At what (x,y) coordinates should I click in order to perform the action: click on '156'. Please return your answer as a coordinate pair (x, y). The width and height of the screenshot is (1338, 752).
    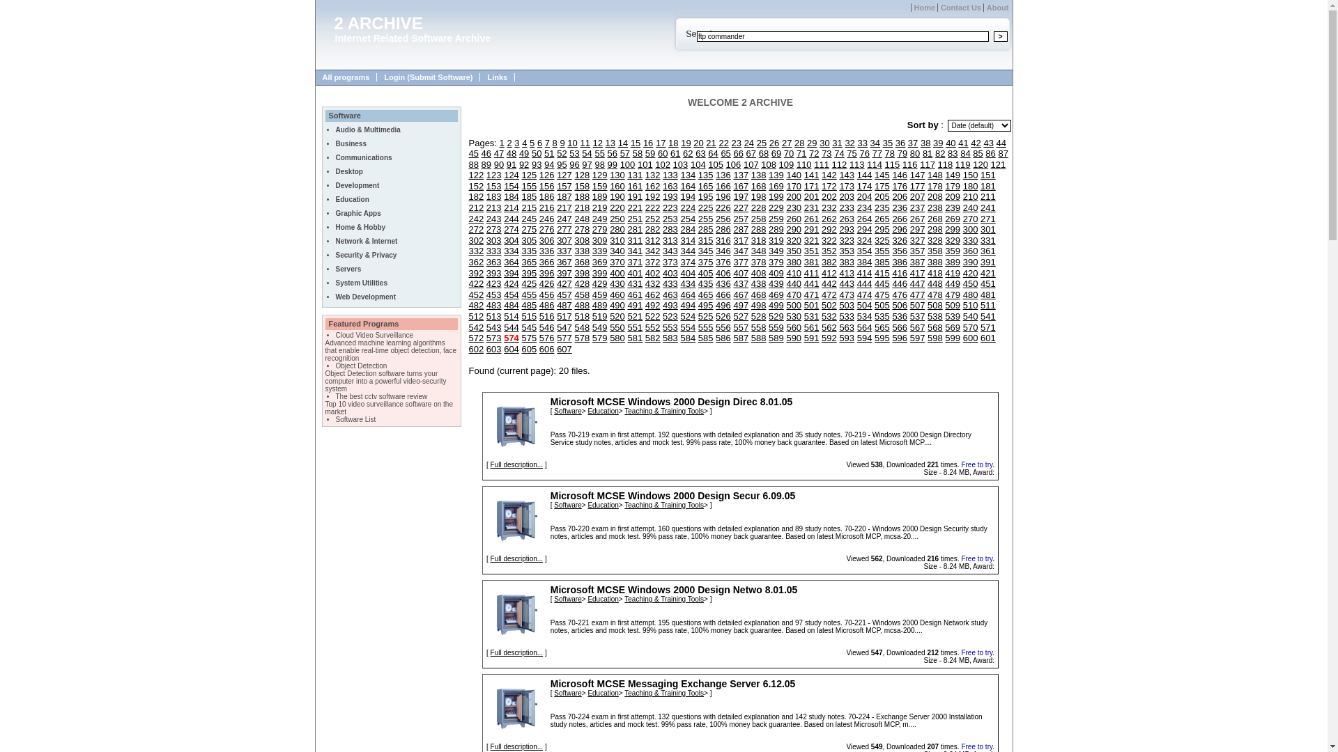
    Looking at the image, I should click on (538, 185).